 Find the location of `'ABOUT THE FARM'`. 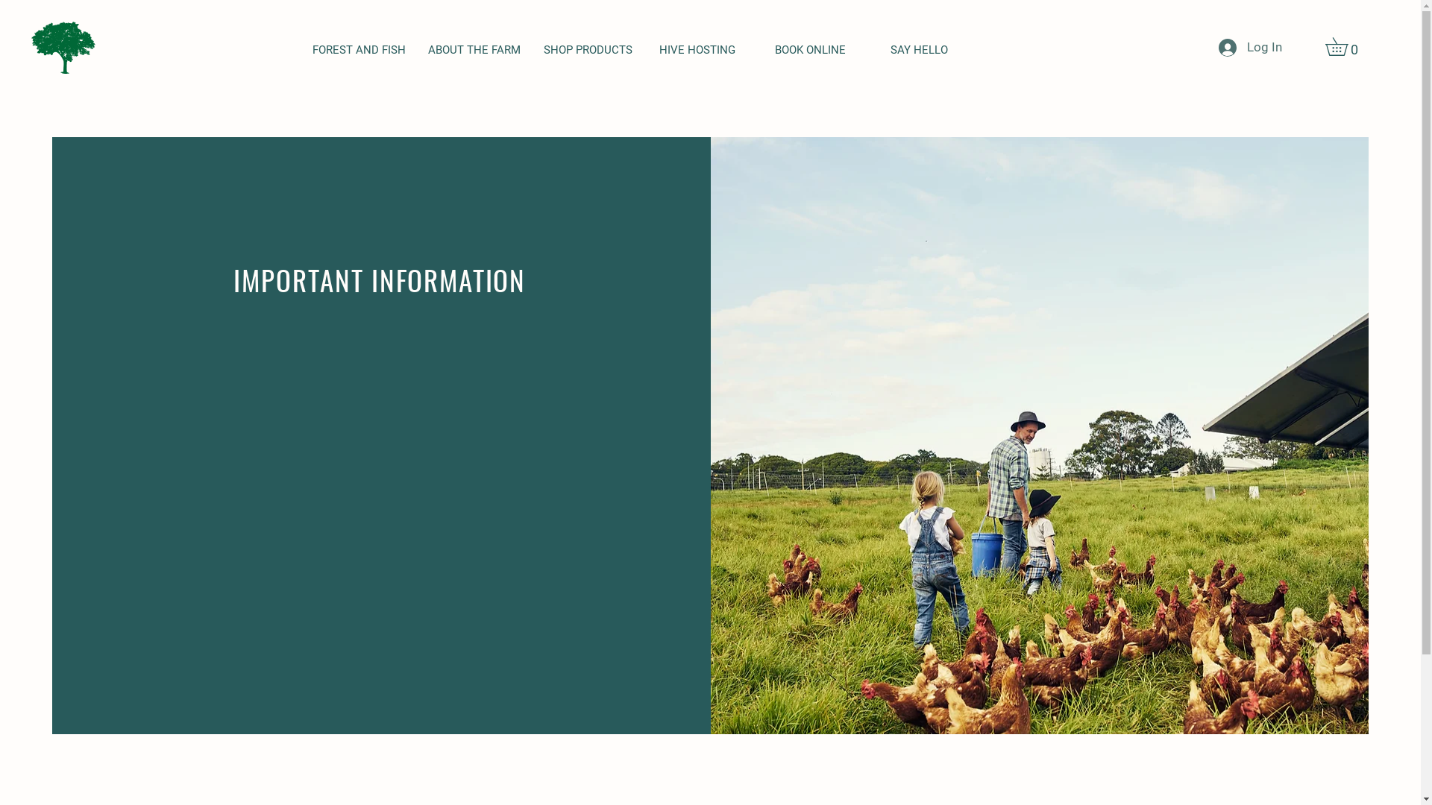

'ABOUT THE FARM' is located at coordinates (473, 49).